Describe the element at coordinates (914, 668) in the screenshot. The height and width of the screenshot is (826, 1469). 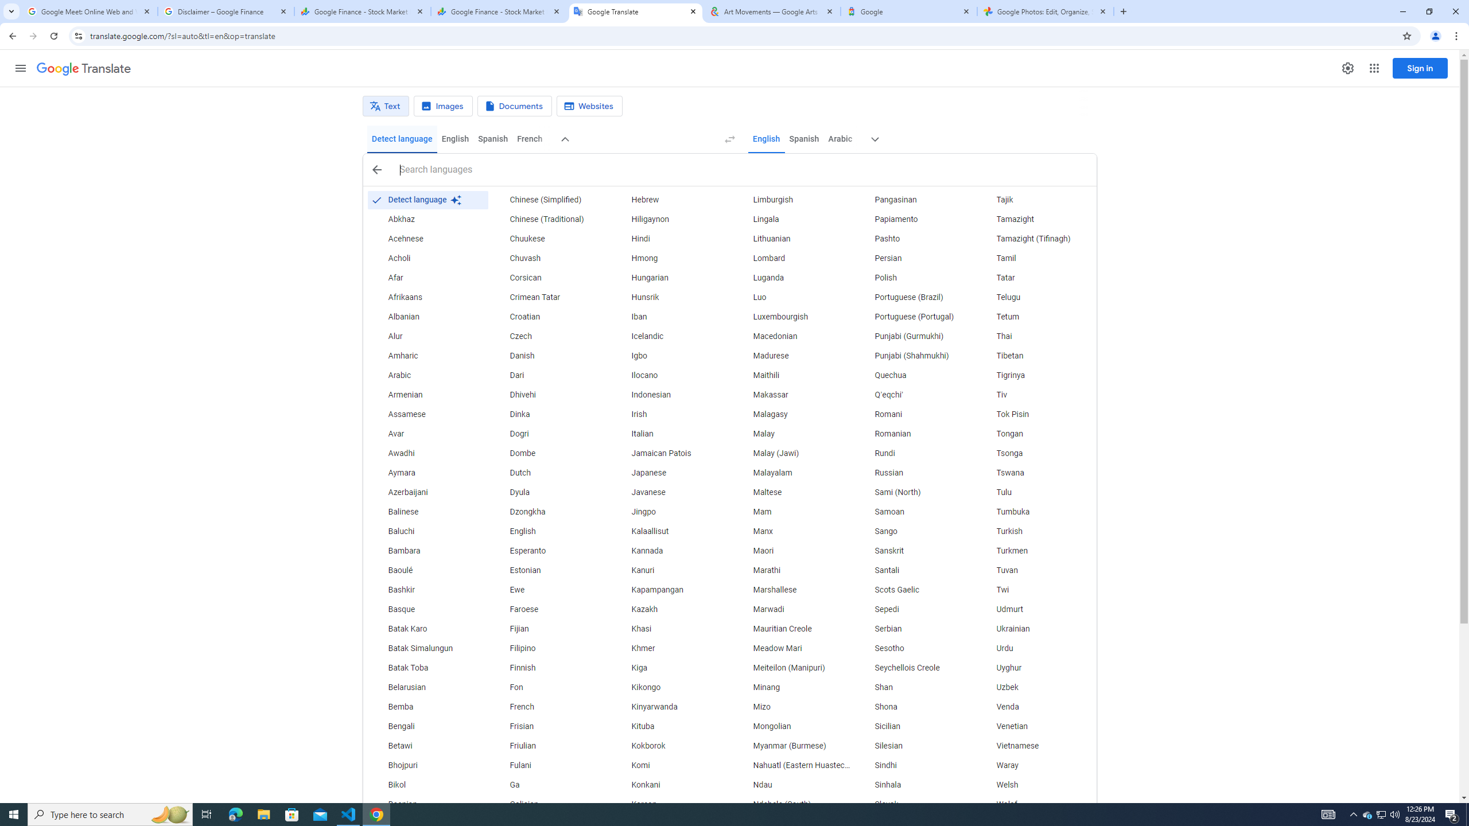
I see `'Seychellois Creole'` at that location.